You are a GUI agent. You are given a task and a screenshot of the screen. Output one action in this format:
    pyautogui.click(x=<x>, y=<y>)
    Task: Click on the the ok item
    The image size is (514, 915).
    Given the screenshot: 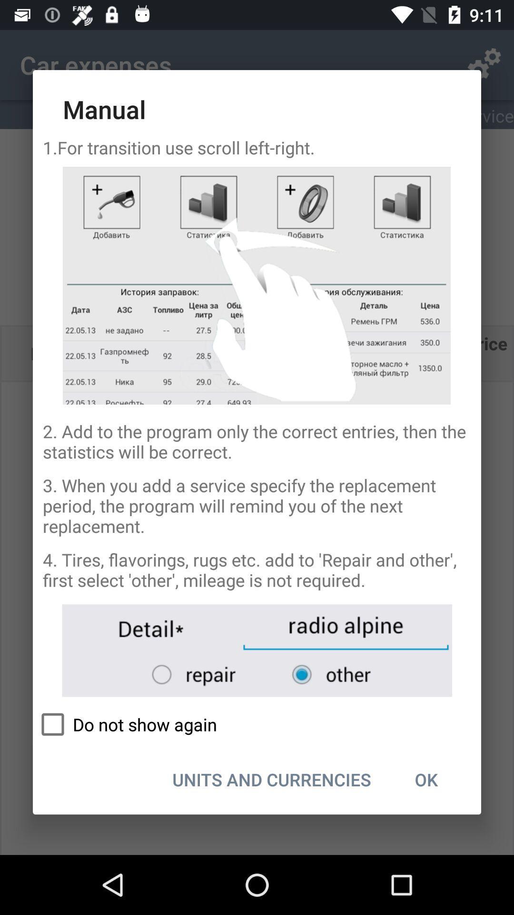 What is the action you would take?
    pyautogui.click(x=425, y=779)
    